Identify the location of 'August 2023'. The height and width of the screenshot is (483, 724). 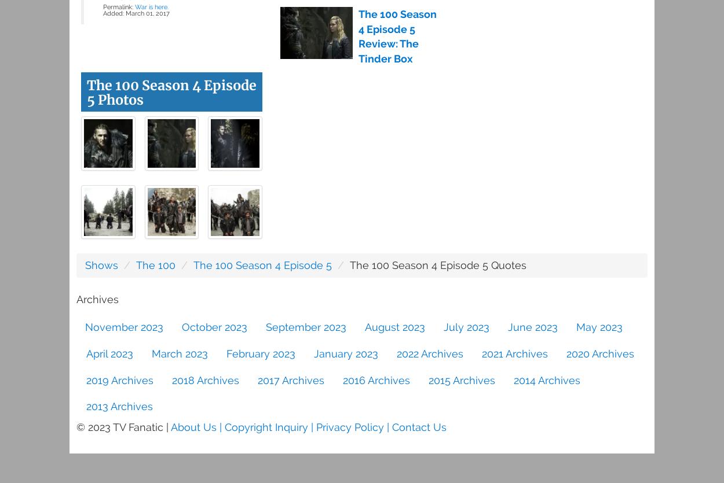
(365, 327).